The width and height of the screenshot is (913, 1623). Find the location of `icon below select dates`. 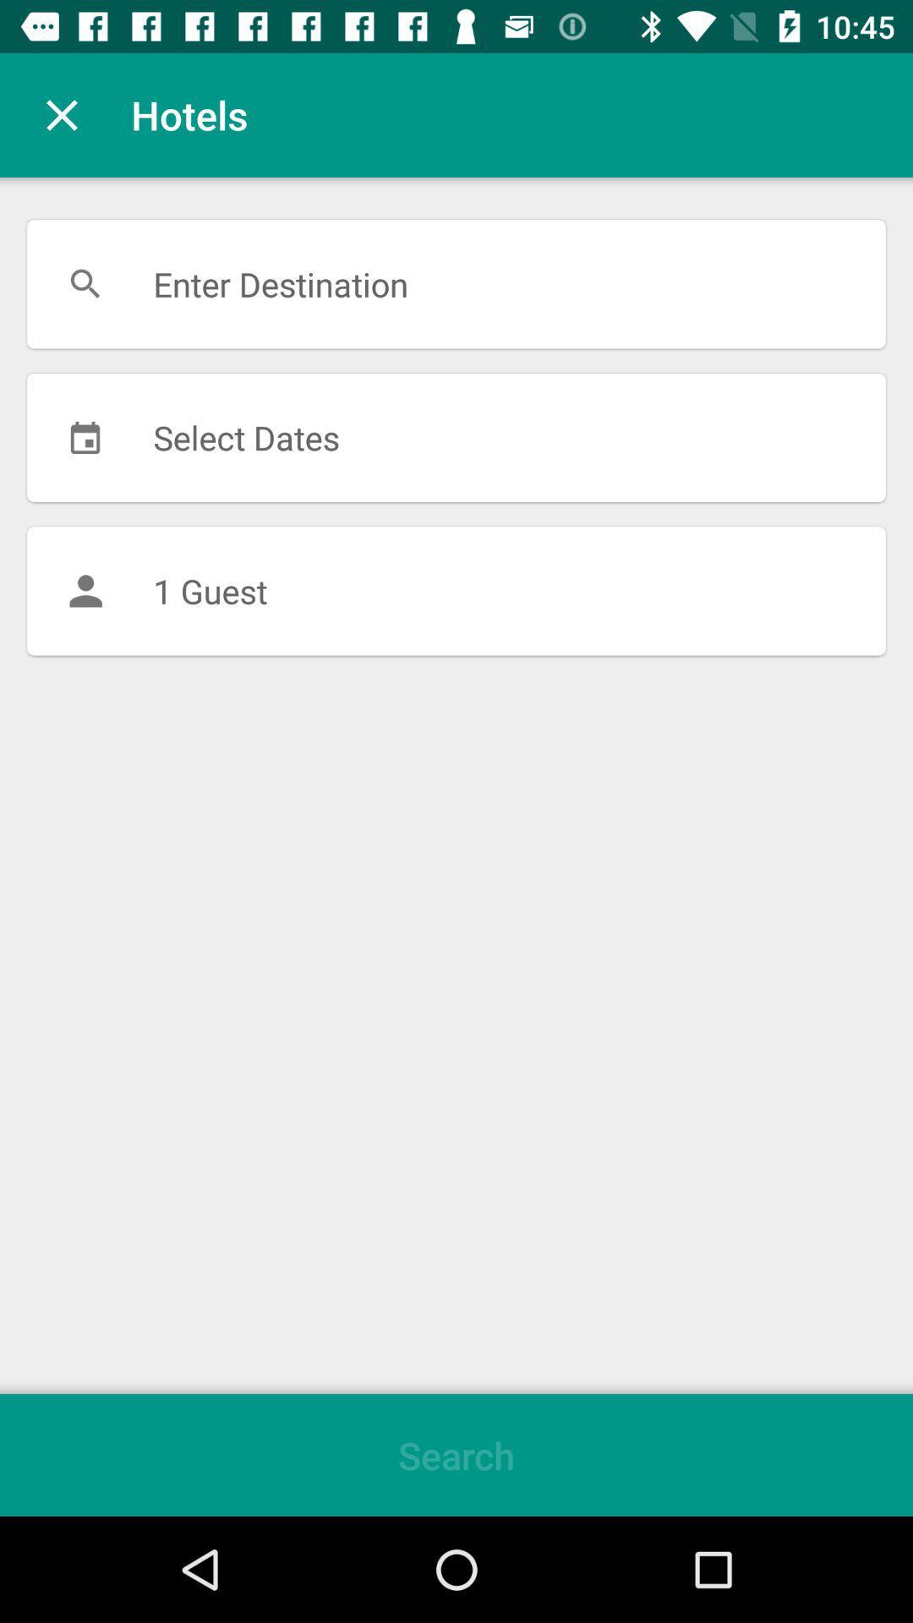

icon below select dates is located at coordinates (456, 591).